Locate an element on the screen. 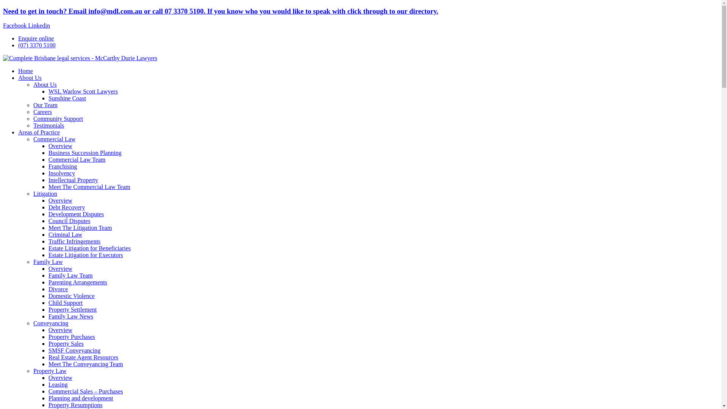 The height and width of the screenshot is (409, 727). 'Debt Recovery' is located at coordinates (48, 207).